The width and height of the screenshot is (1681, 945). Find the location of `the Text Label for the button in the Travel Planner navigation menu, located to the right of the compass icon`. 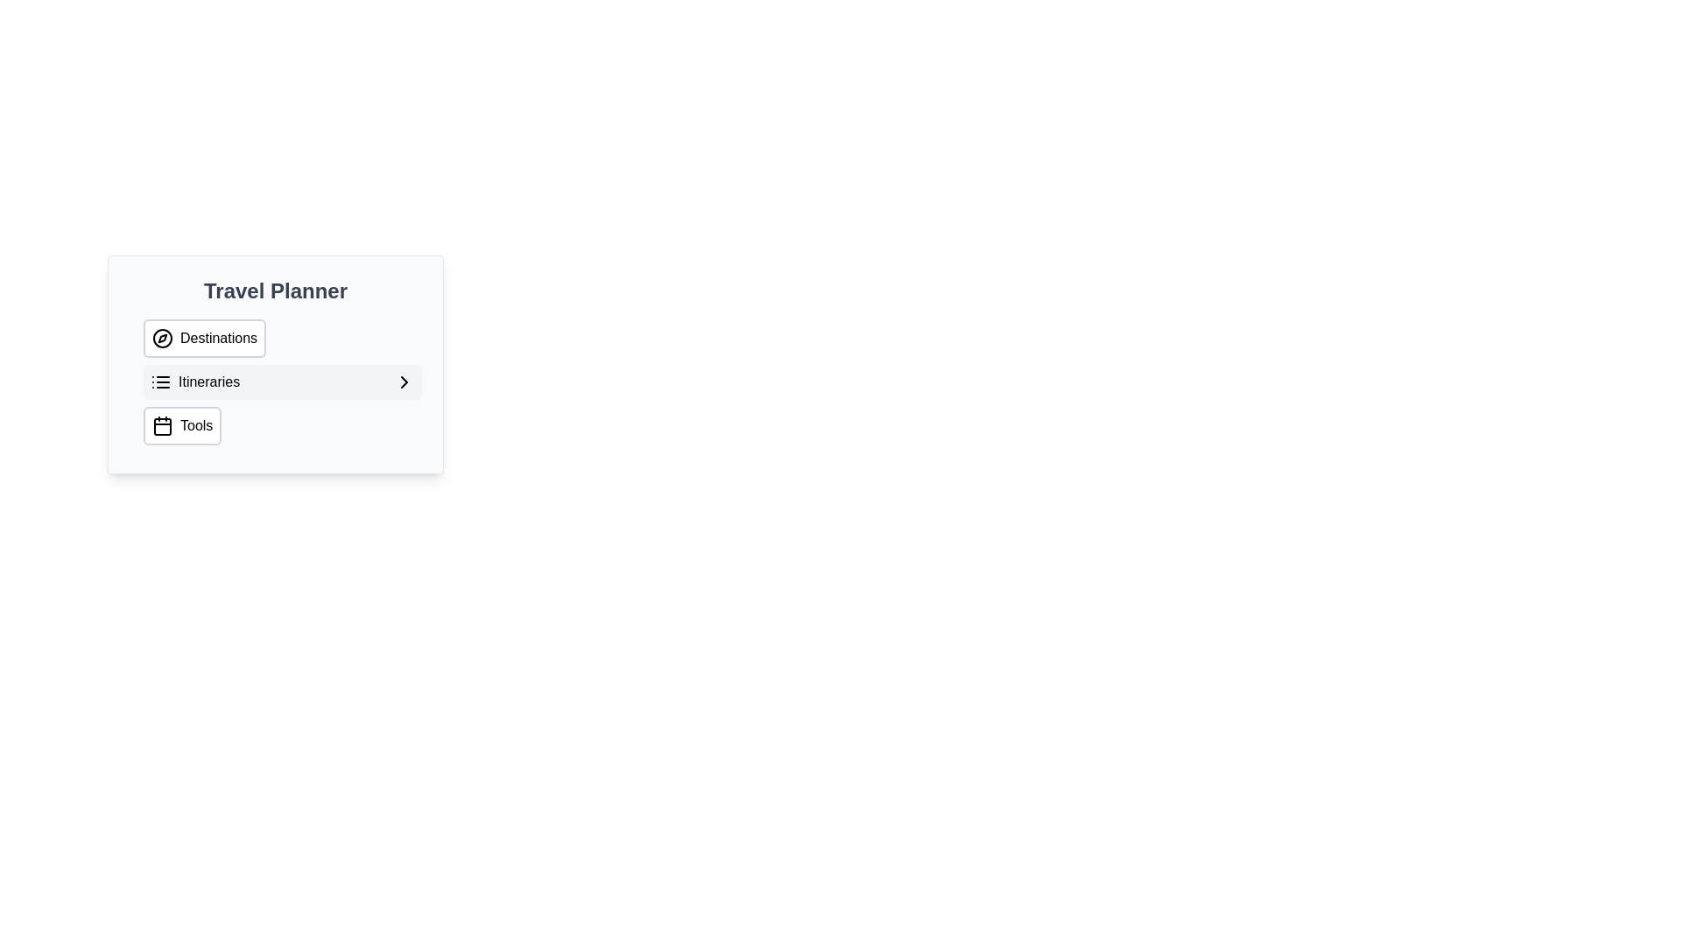

the Text Label for the button in the Travel Planner navigation menu, located to the right of the compass icon is located at coordinates (217, 338).